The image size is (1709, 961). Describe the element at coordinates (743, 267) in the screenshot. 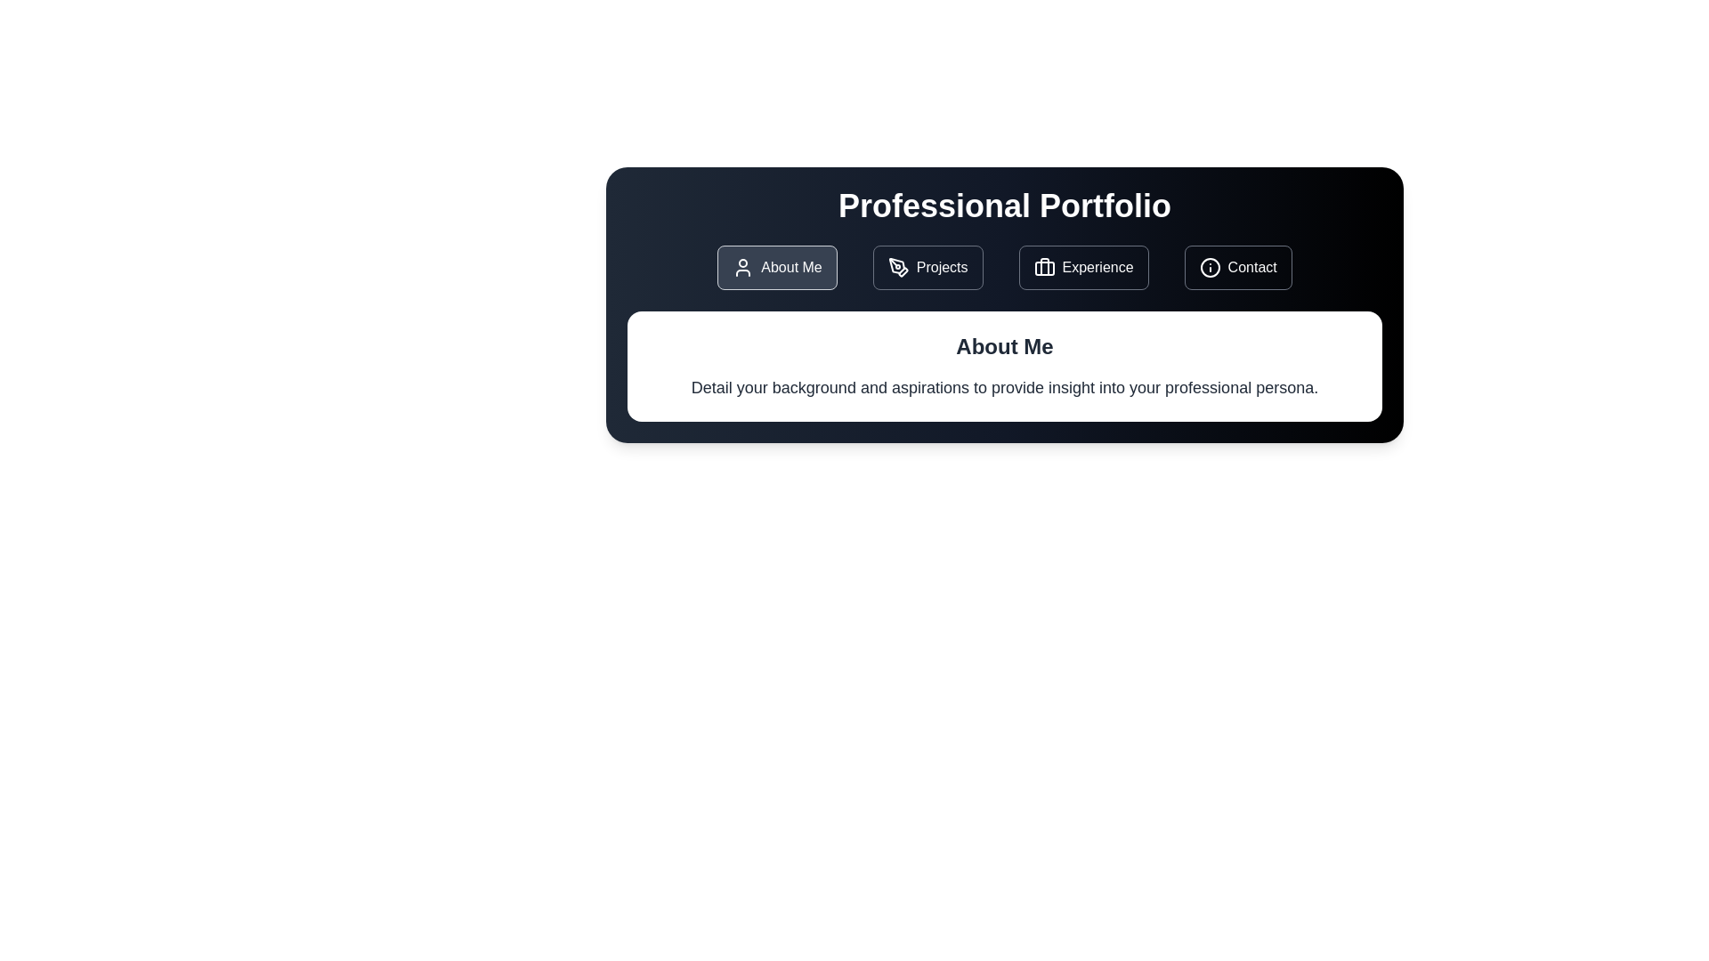

I see `the graphical icon representing a user, which is located on the dark-colored rectangular button labeled 'About Me' in the upper-left section of the button` at that location.